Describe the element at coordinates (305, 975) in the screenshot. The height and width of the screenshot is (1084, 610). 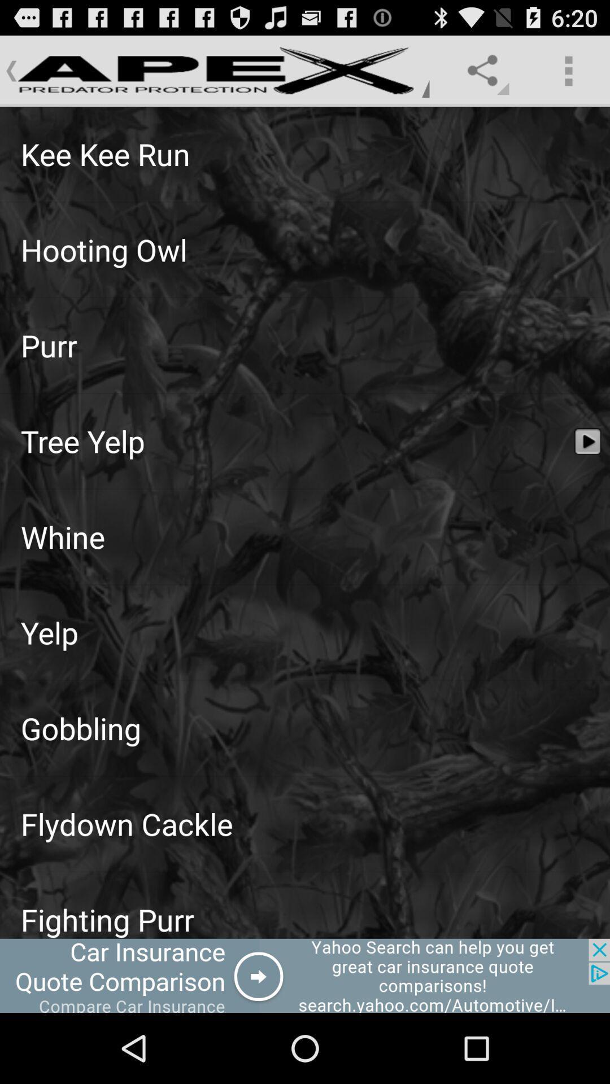
I see `open advertisement` at that location.